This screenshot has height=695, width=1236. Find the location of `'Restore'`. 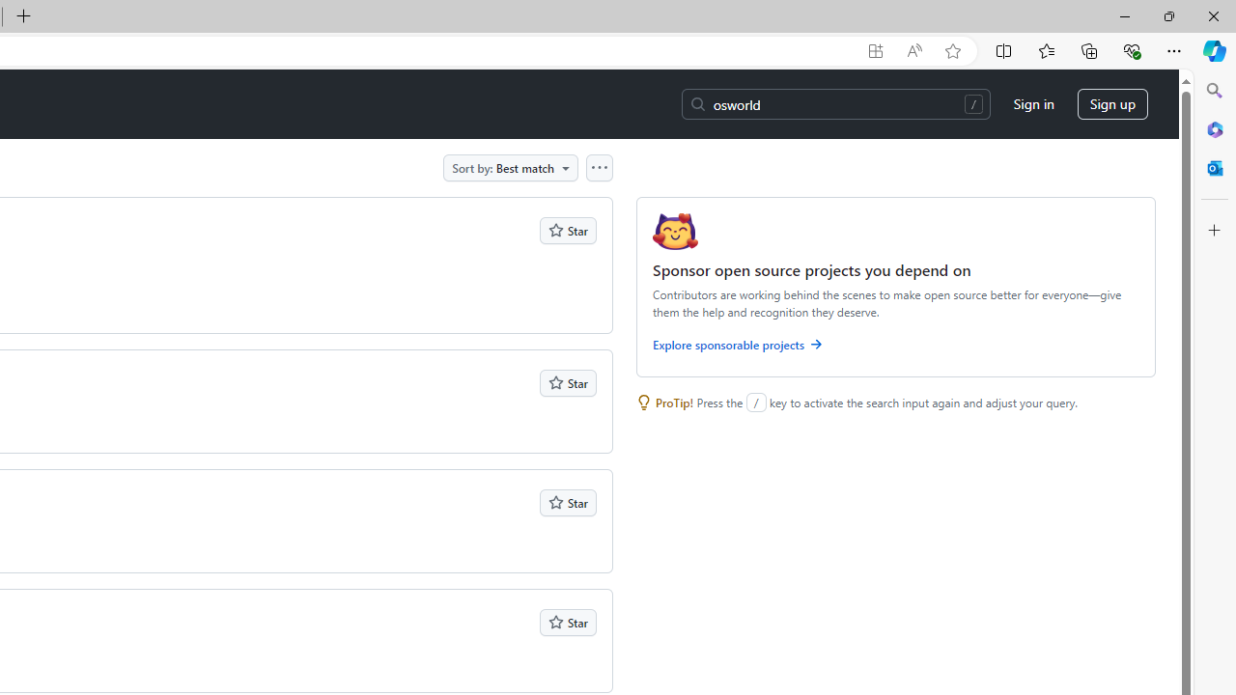

'Restore' is located at coordinates (1167, 15).